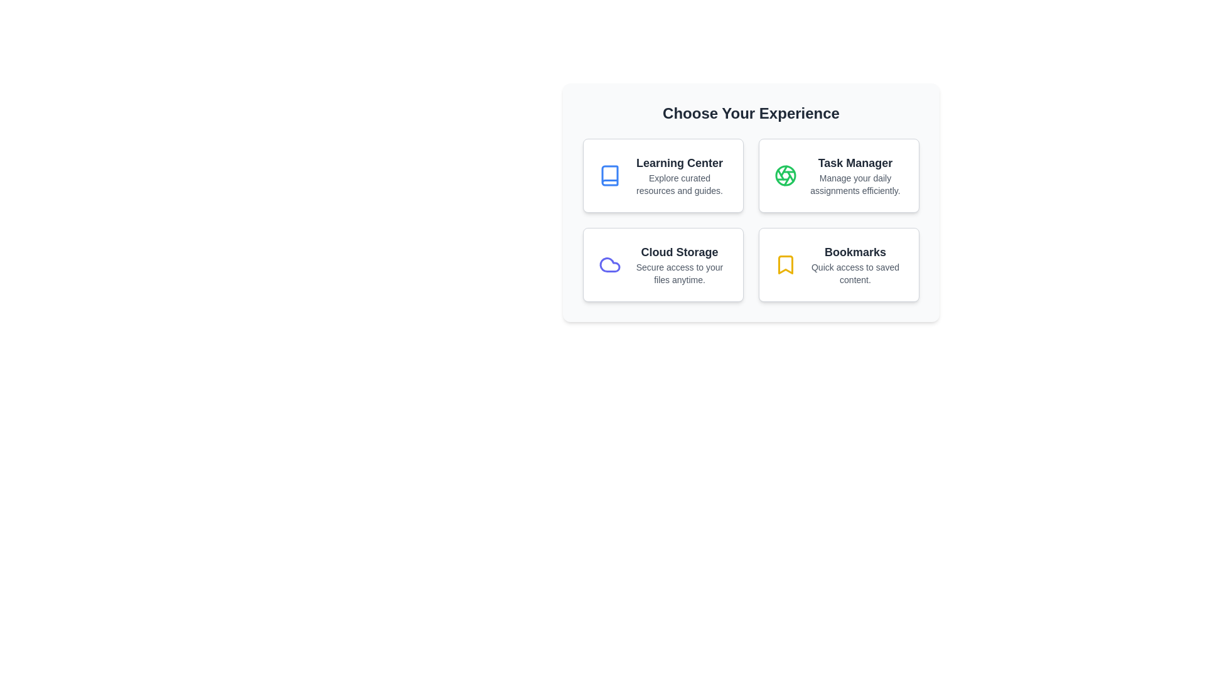  I want to click on the header text displaying 'Choose Your Experience', which is centrally aligned at the top of the section in a bold large font style, so click(751, 114).